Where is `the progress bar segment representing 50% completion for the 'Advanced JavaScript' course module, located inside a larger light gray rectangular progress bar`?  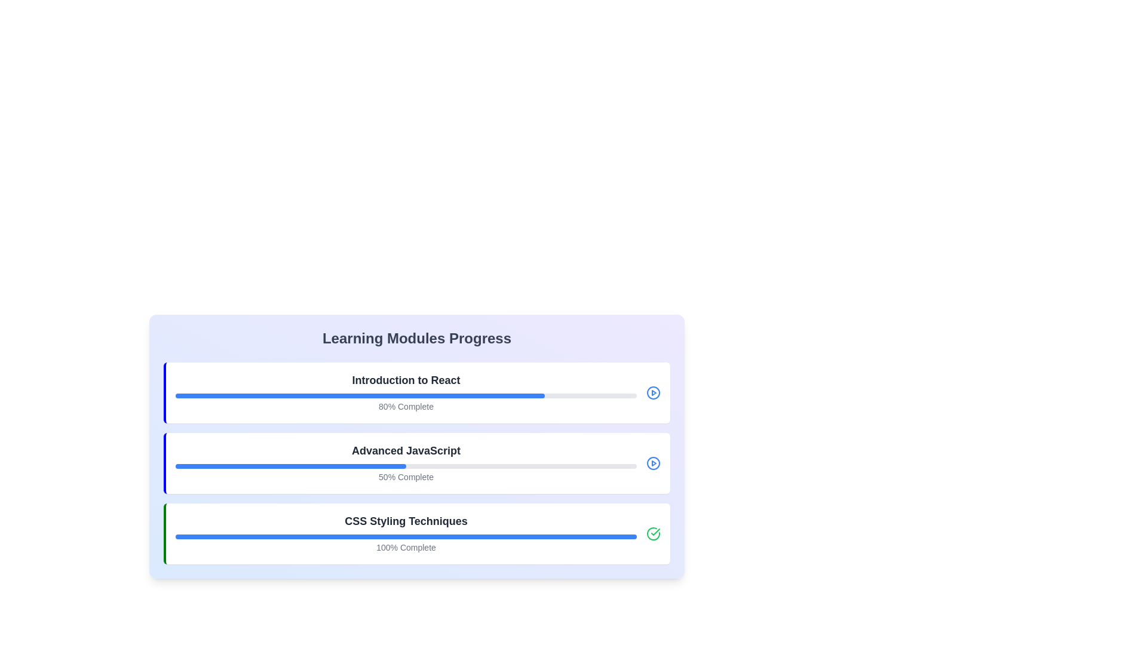
the progress bar segment representing 50% completion for the 'Advanced JavaScript' course module, located inside a larger light gray rectangular progress bar is located at coordinates (290, 465).